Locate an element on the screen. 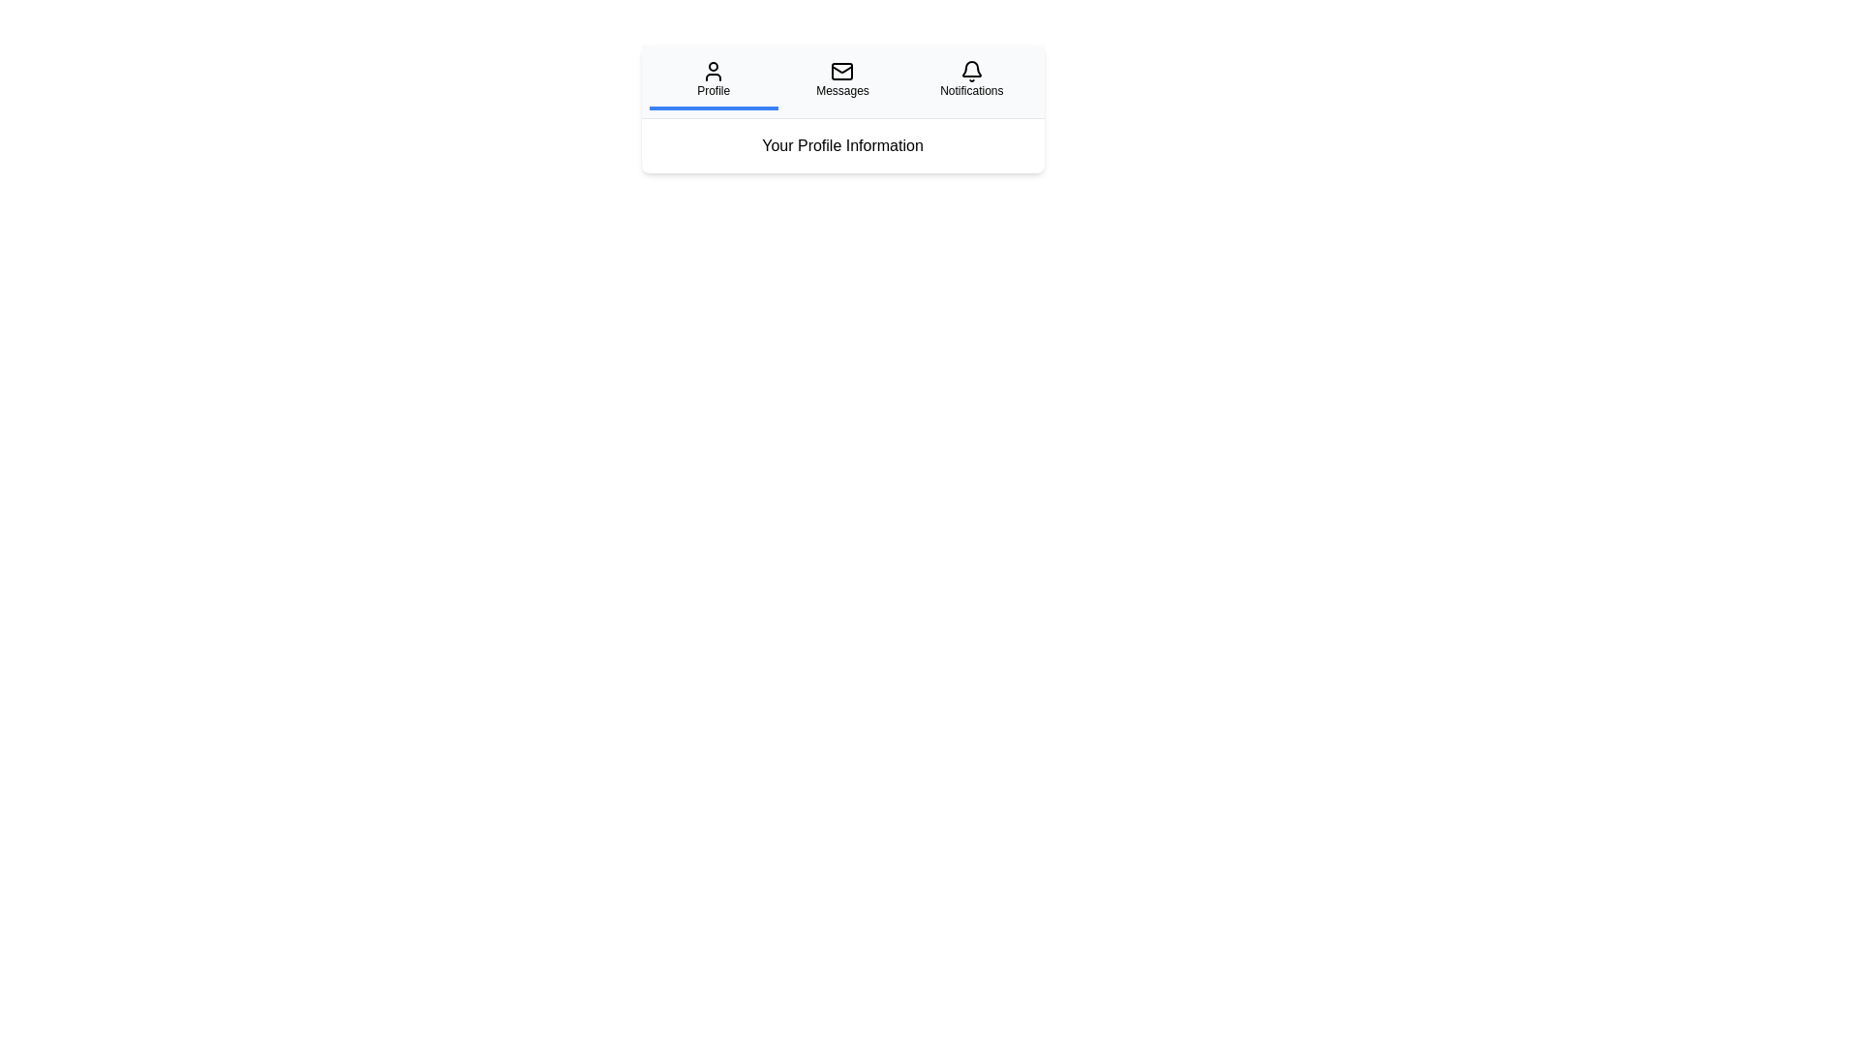  the bell-shaped notification icon located at the top-right corner of the interface, adjacent to 'Messages' and above 'Notifications' is located at coordinates (971, 68).